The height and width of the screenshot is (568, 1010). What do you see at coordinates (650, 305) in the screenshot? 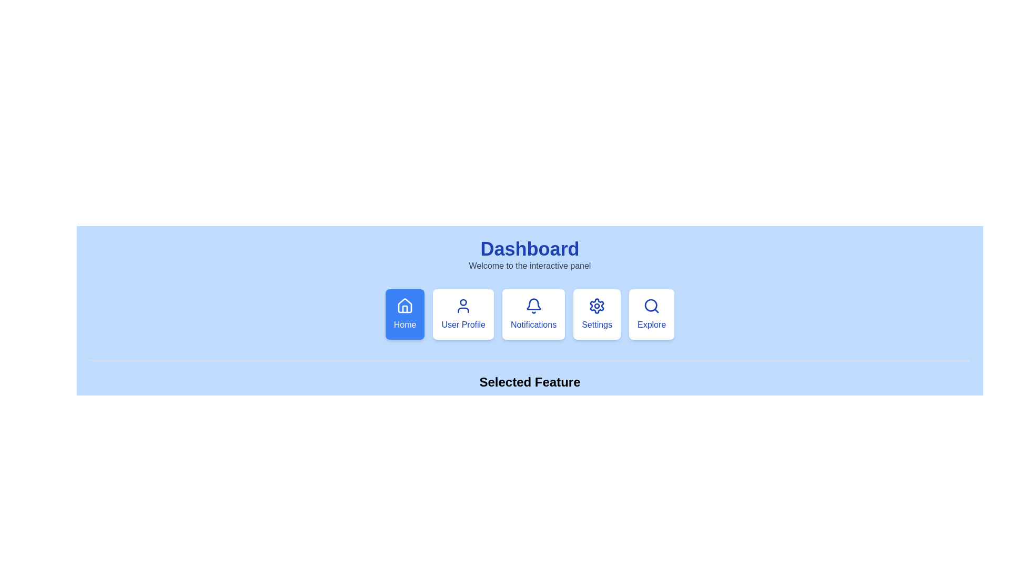
I see `the 'Explore' button, which contains a circular outline representing a magnifying glass icon located at the far right of the feature selection panel` at bounding box center [650, 305].